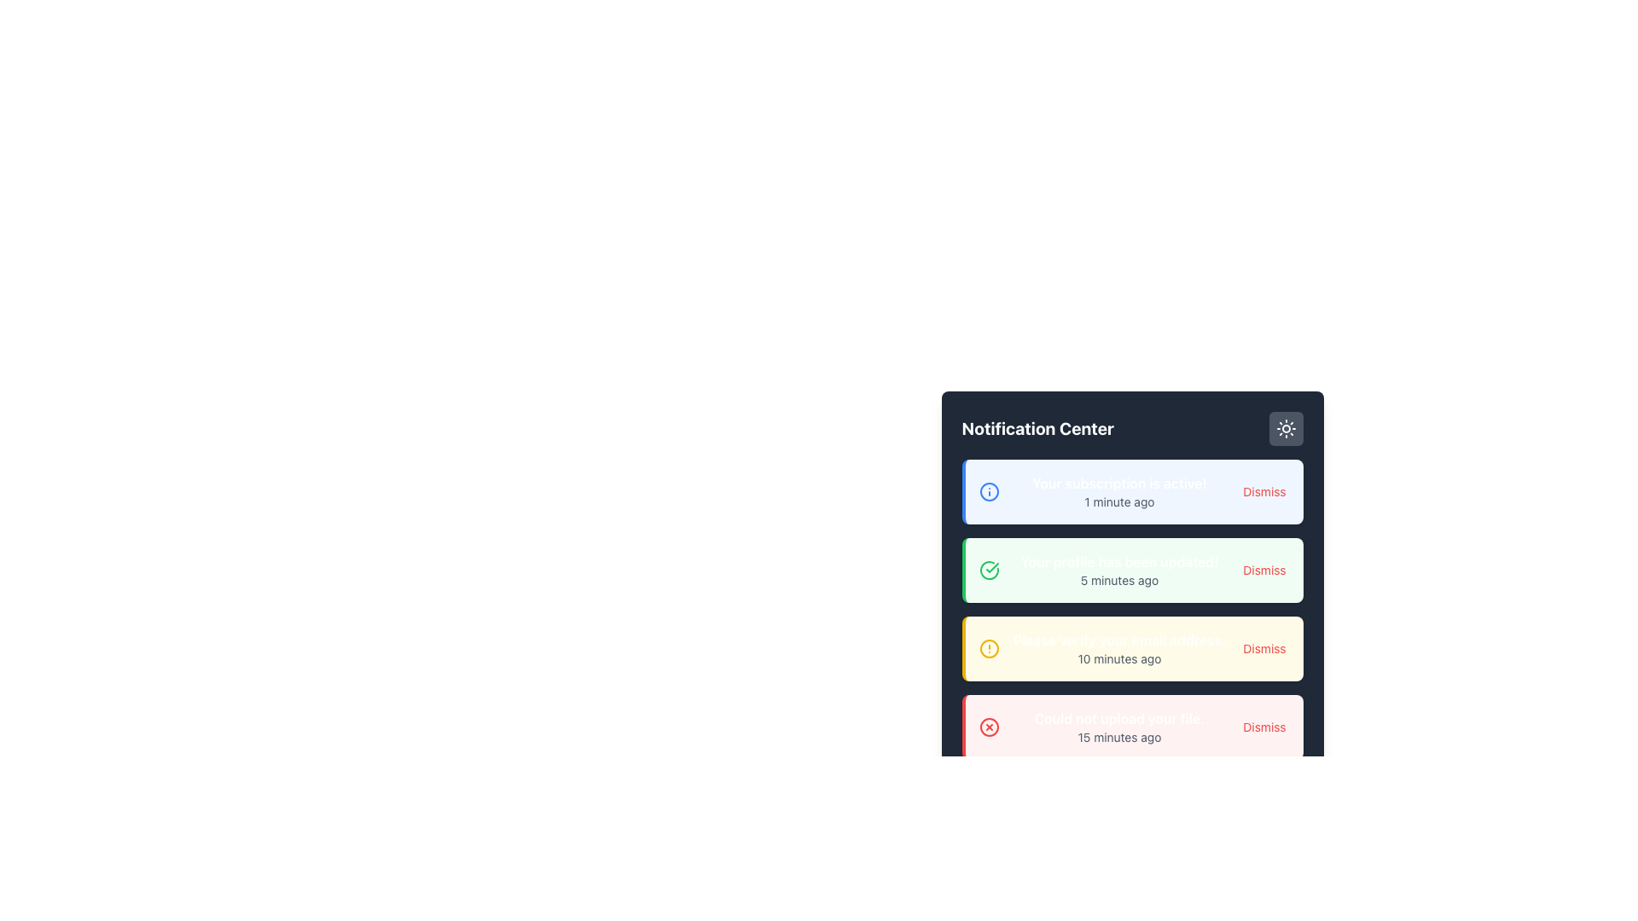 The width and height of the screenshot is (1638, 921). What do you see at coordinates (1119, 580) in the screenshot?
I see `the static text label that displays the timestamp for the notification 'Your profile has been updated!', located under the notification text and aligned to its left in the second notification block with a green background` at bounding box center [1119, 580].